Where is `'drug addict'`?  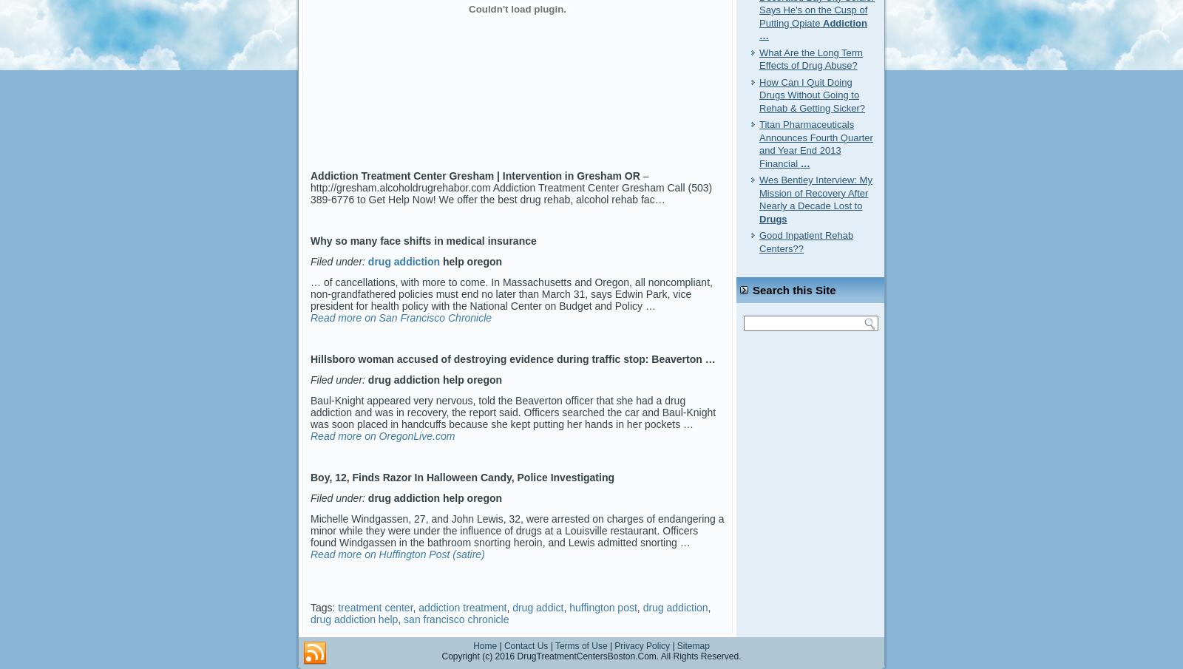
'drug addict' is located at coordinates (538, 607).